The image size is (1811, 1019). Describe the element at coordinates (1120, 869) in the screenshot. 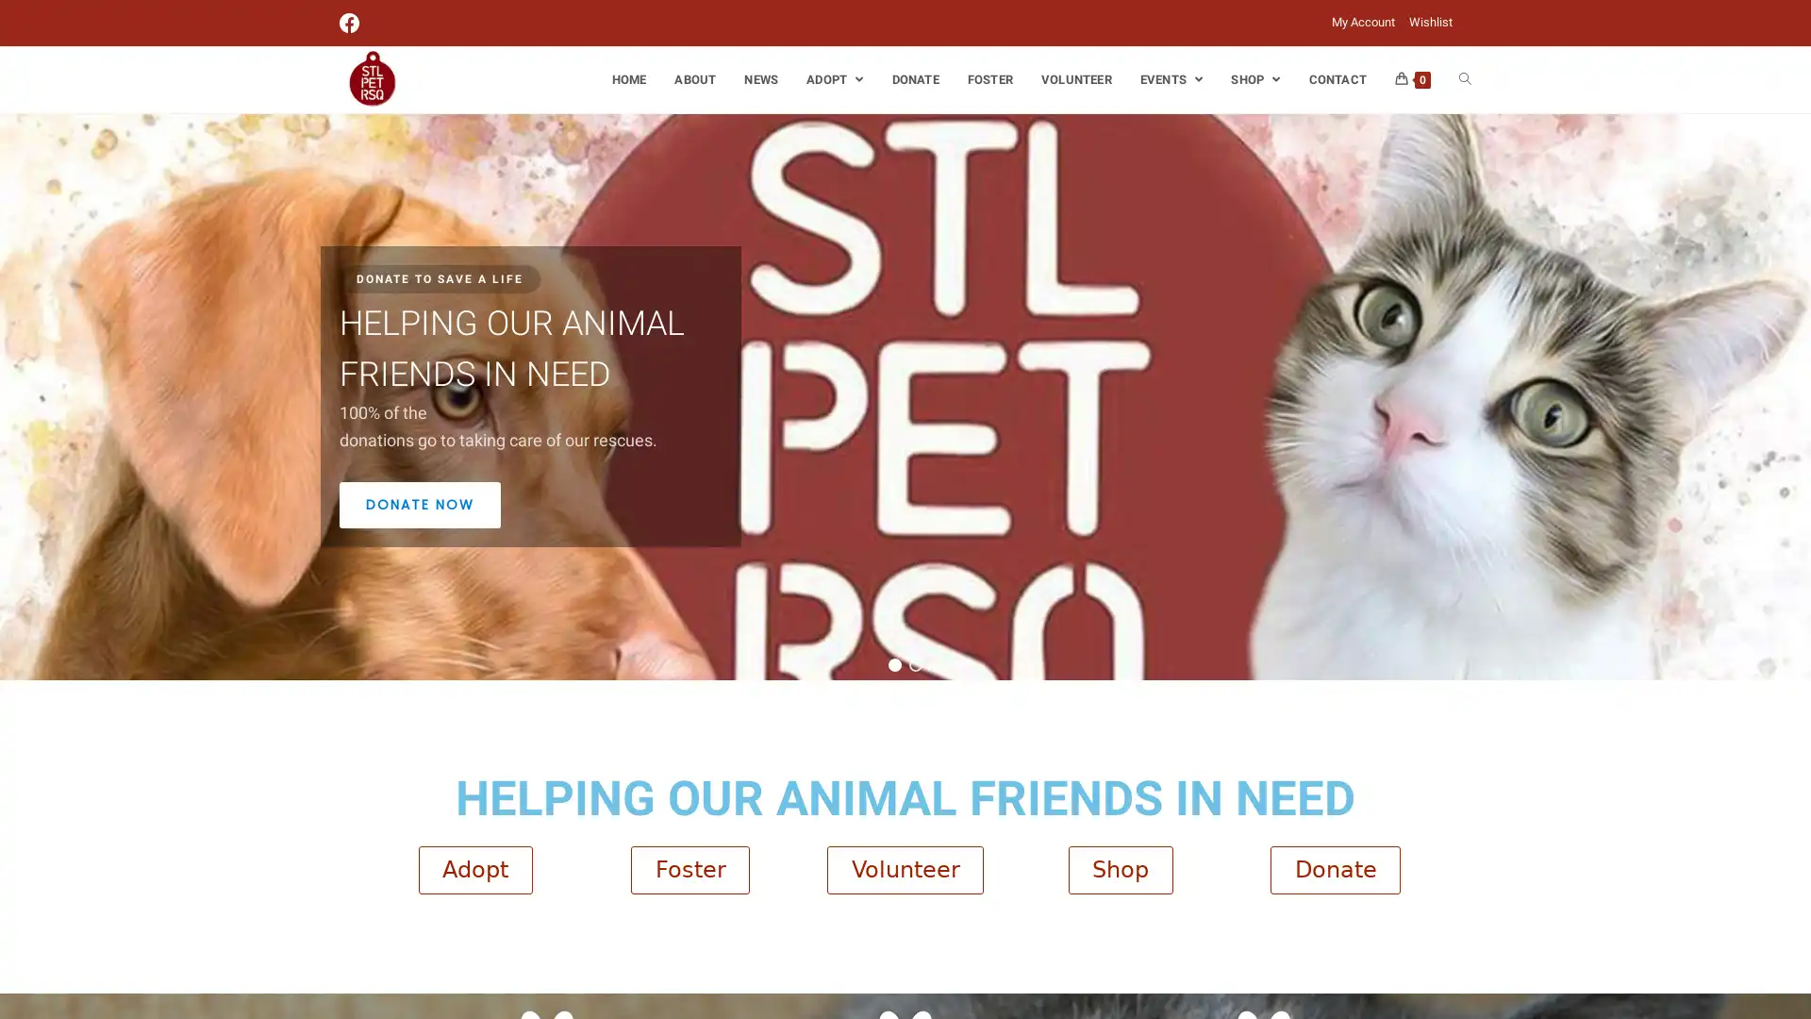

I see `Shop` at that location.